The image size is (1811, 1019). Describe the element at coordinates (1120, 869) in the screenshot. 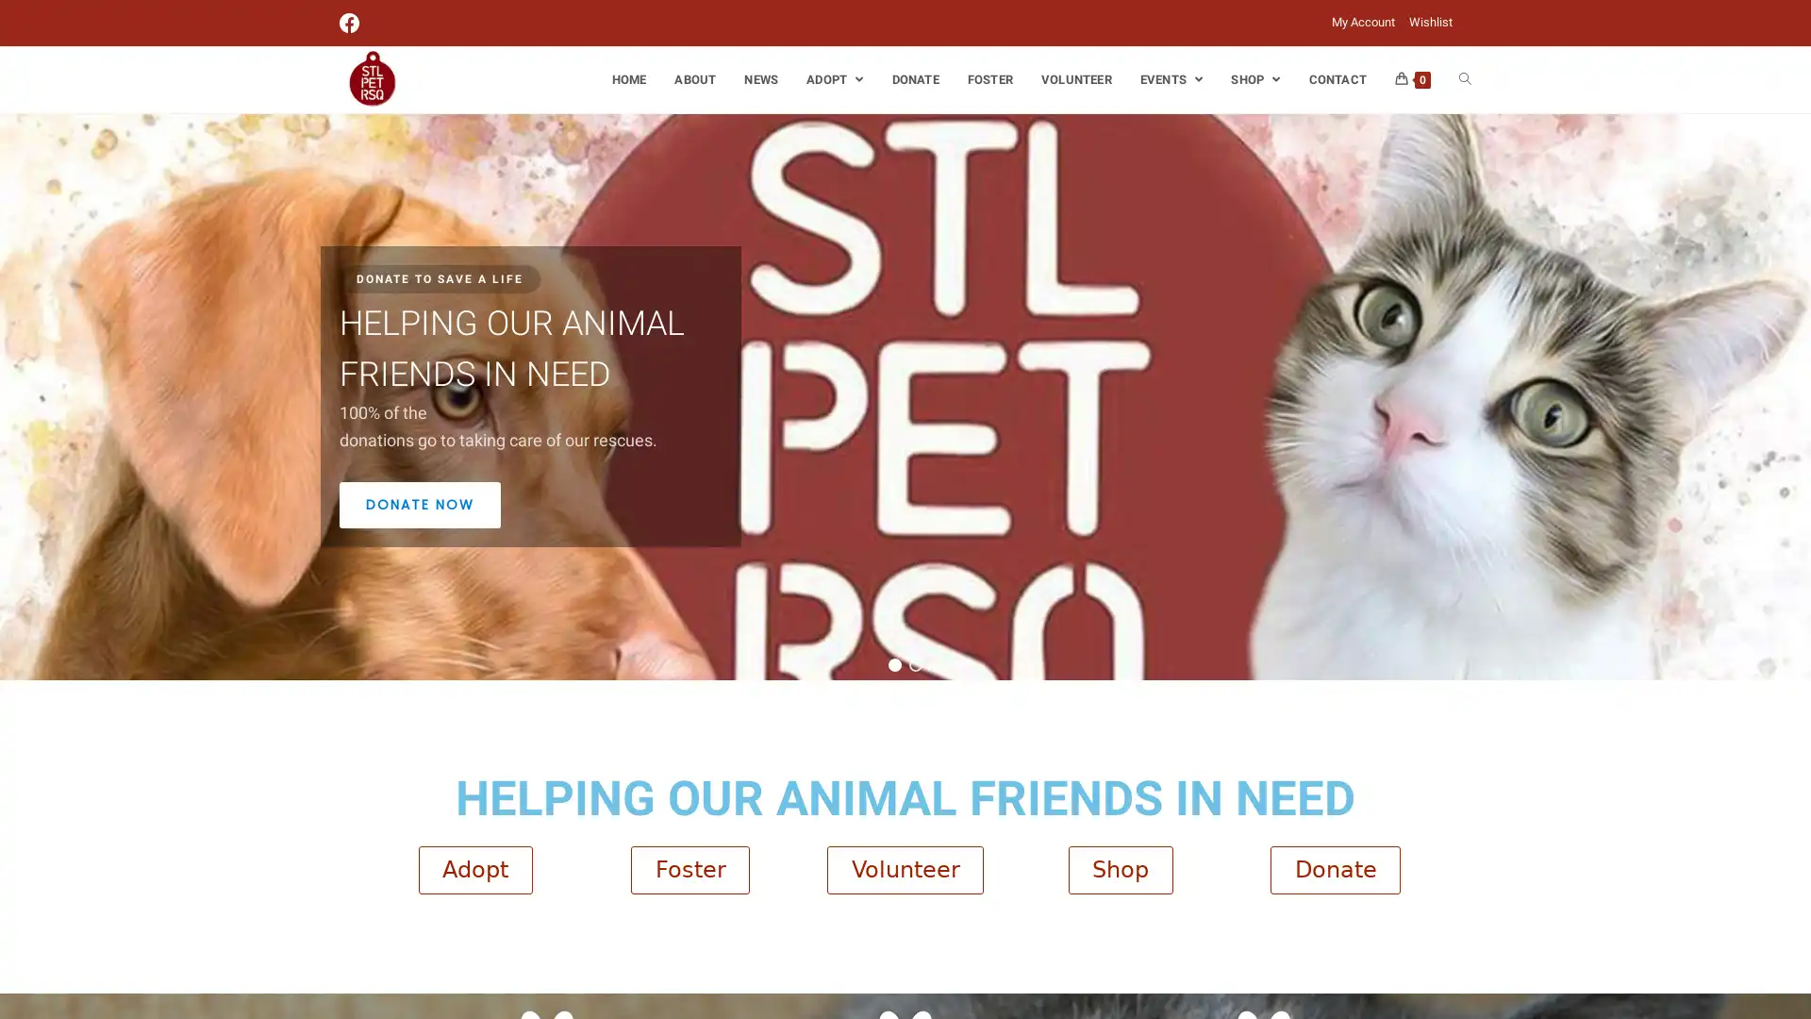

I see `Shop` at that location.